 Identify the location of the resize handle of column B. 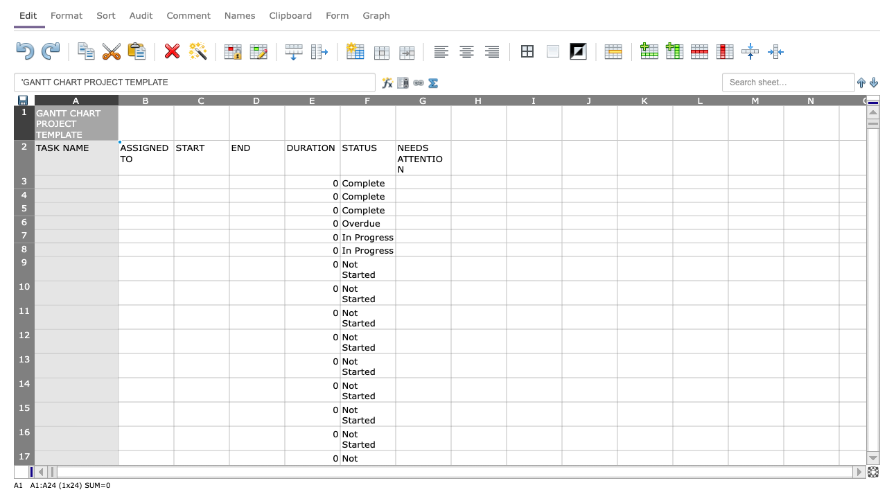
(173, 99).